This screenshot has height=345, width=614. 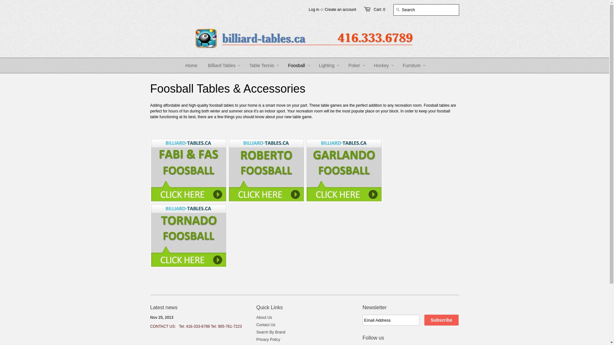 I want to click on 'Foosball', so click(x=296, y=65).